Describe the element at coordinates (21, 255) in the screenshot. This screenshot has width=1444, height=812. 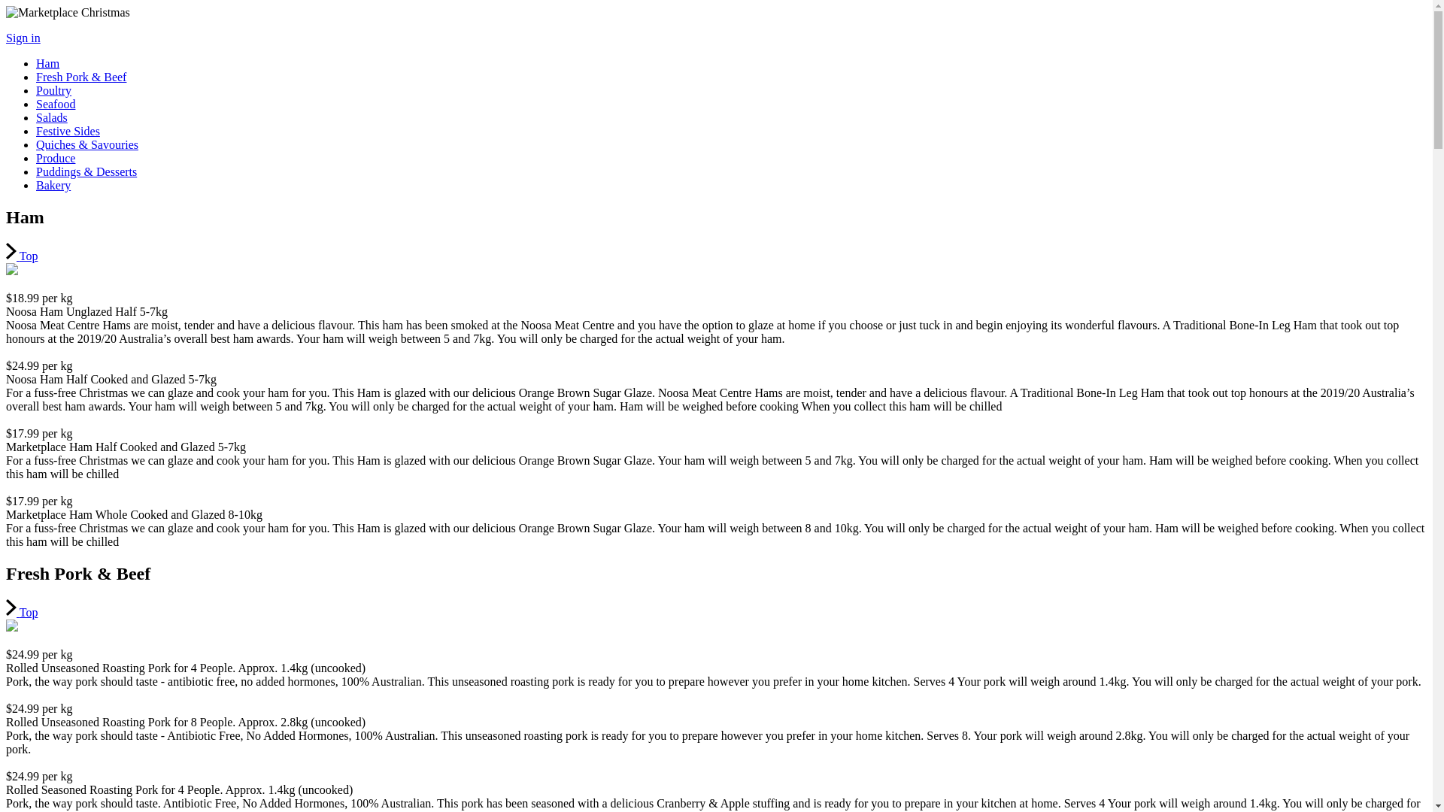
I see `'Top'` at that location.